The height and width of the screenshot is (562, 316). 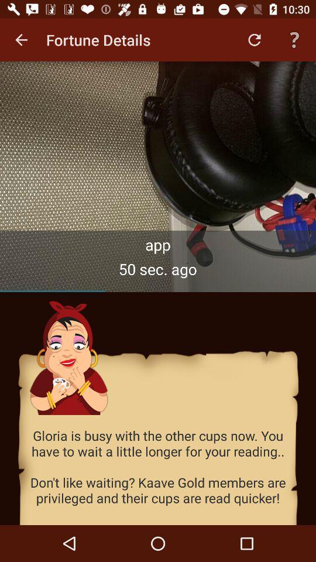 What do you see at coordinates (21, 40) in the screenshot?
I see `the app to the left of the fortune details app` at bounding box center [21, 40].